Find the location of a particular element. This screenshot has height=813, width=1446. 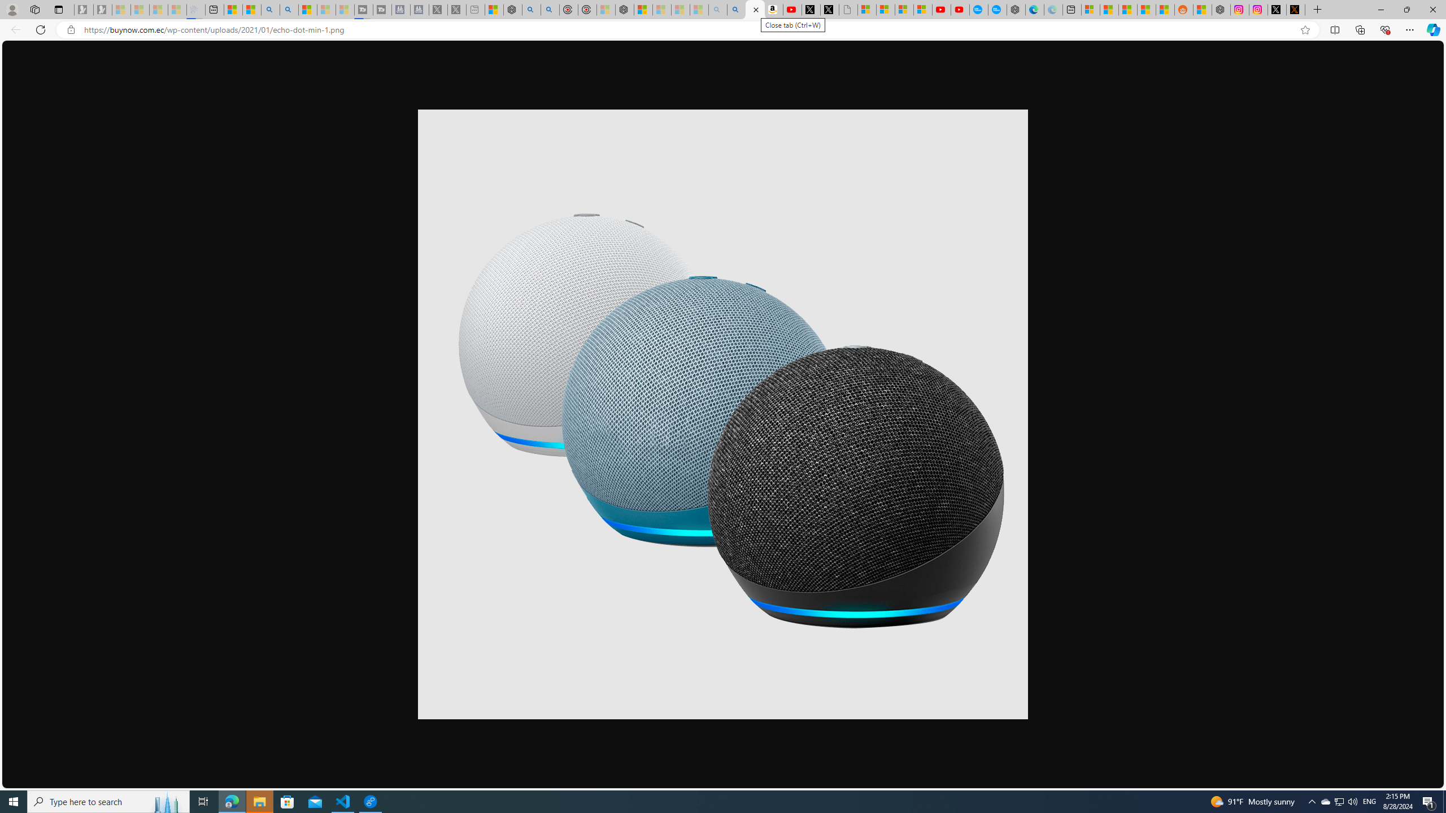

'poe ++ standard - Search' is located at coordinates (550, 9).